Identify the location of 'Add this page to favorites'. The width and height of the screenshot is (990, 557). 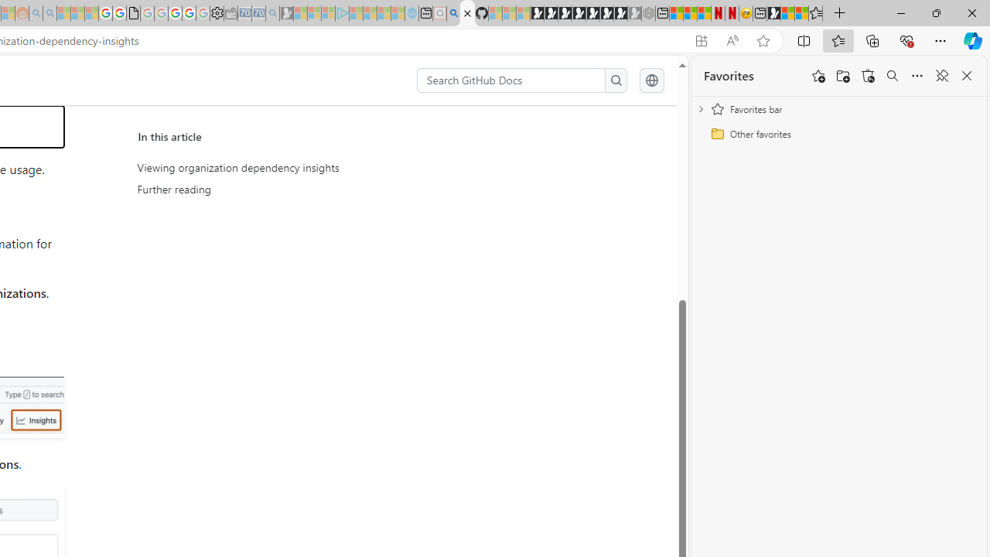
(818, 76).